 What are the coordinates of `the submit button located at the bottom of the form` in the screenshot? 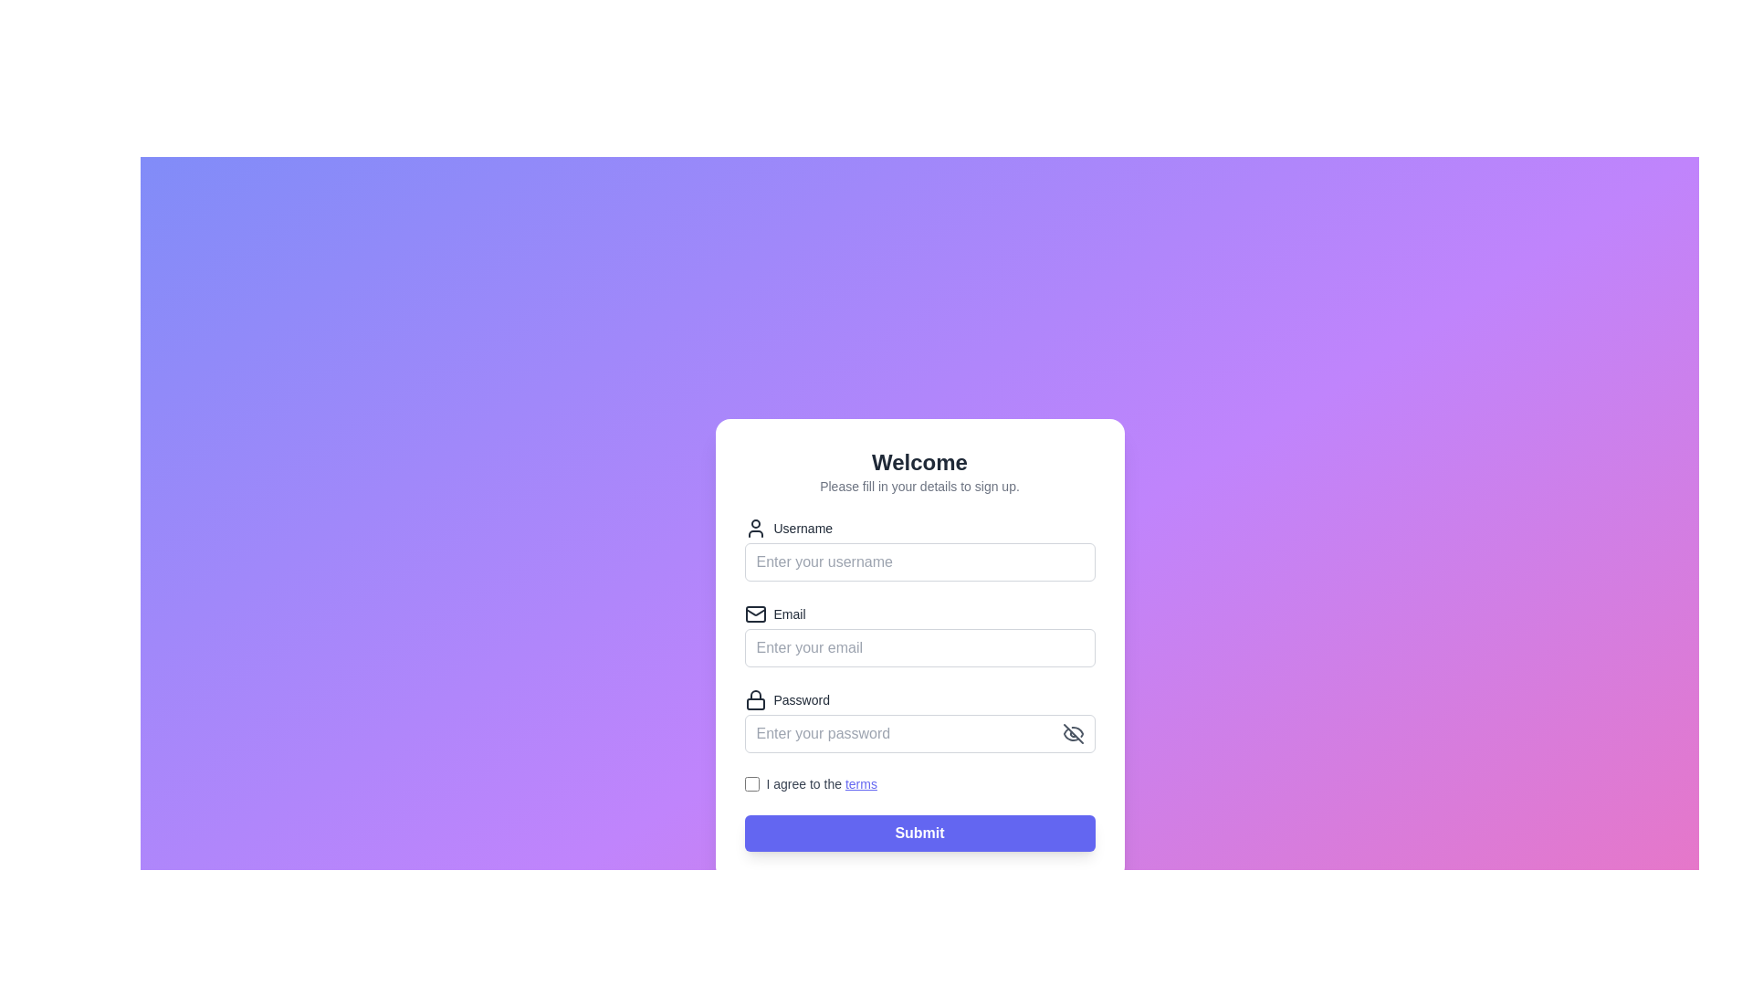 It's located at (919, 834).